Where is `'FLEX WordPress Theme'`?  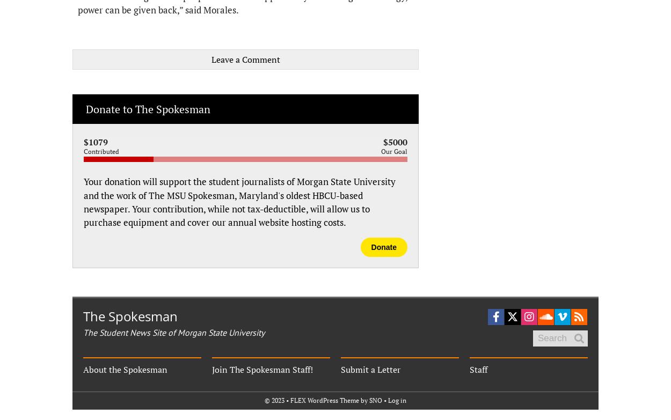
'FLEX WordPress Theme' is located at coordinates (290, 400).